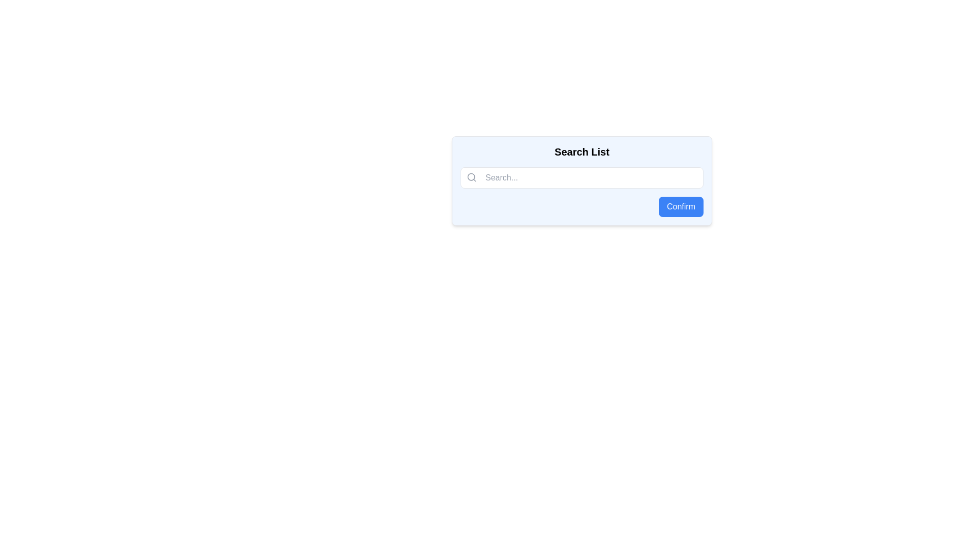  Describe the element at coordinates (471, 176) in the screenshot. I see `the search icon located at the left end of the input bar, next to the placeholder text 'Search...'` at that location.